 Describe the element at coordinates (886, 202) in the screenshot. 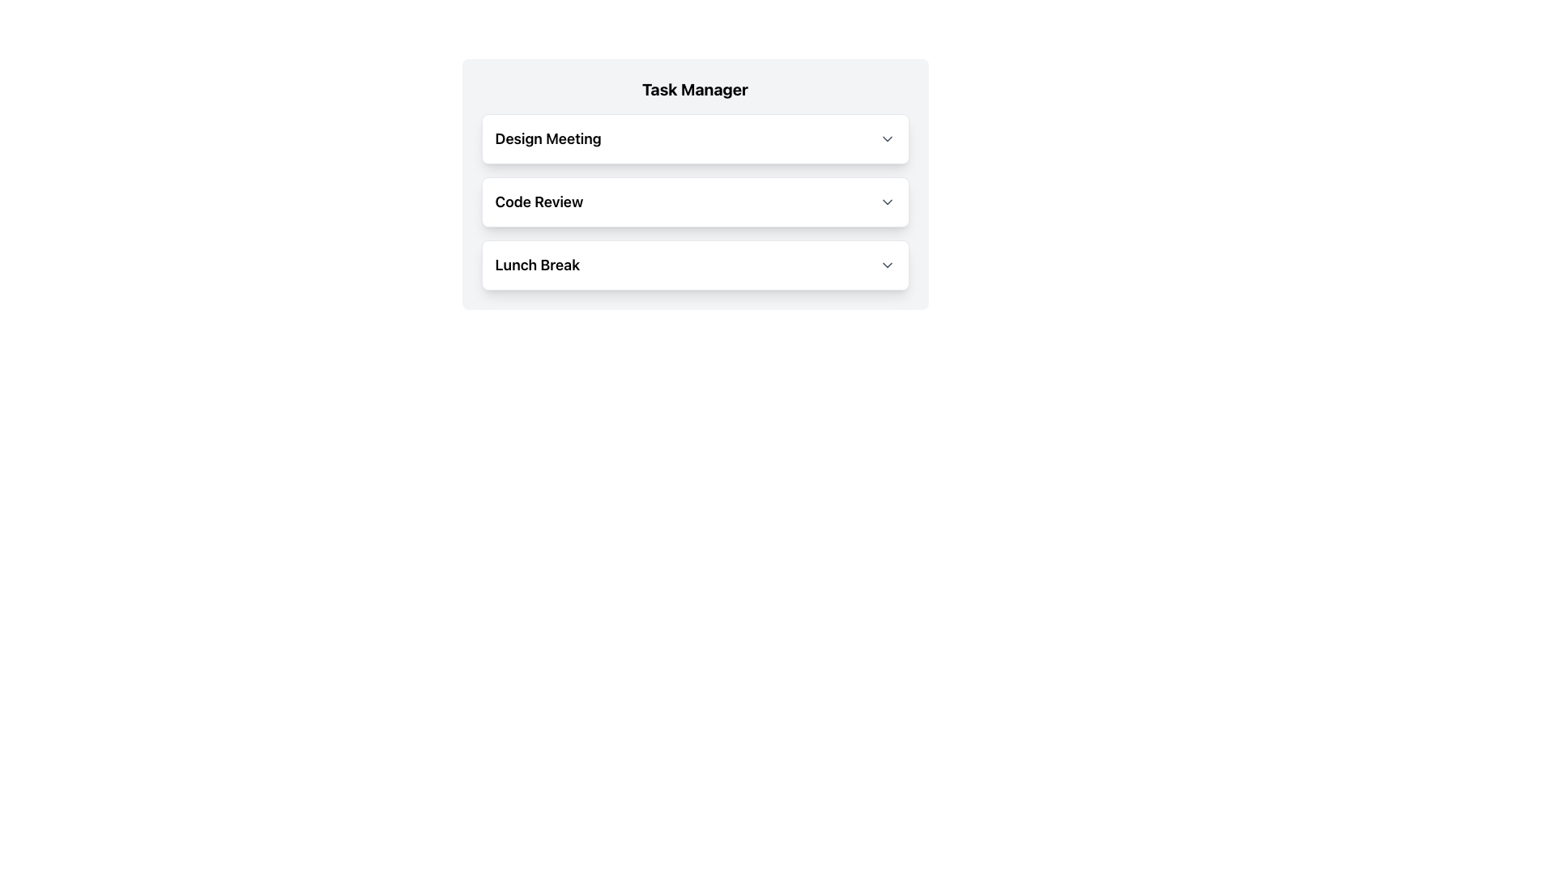

I see `the dropdown menu icon next to the 'Code Review' button` at that location.